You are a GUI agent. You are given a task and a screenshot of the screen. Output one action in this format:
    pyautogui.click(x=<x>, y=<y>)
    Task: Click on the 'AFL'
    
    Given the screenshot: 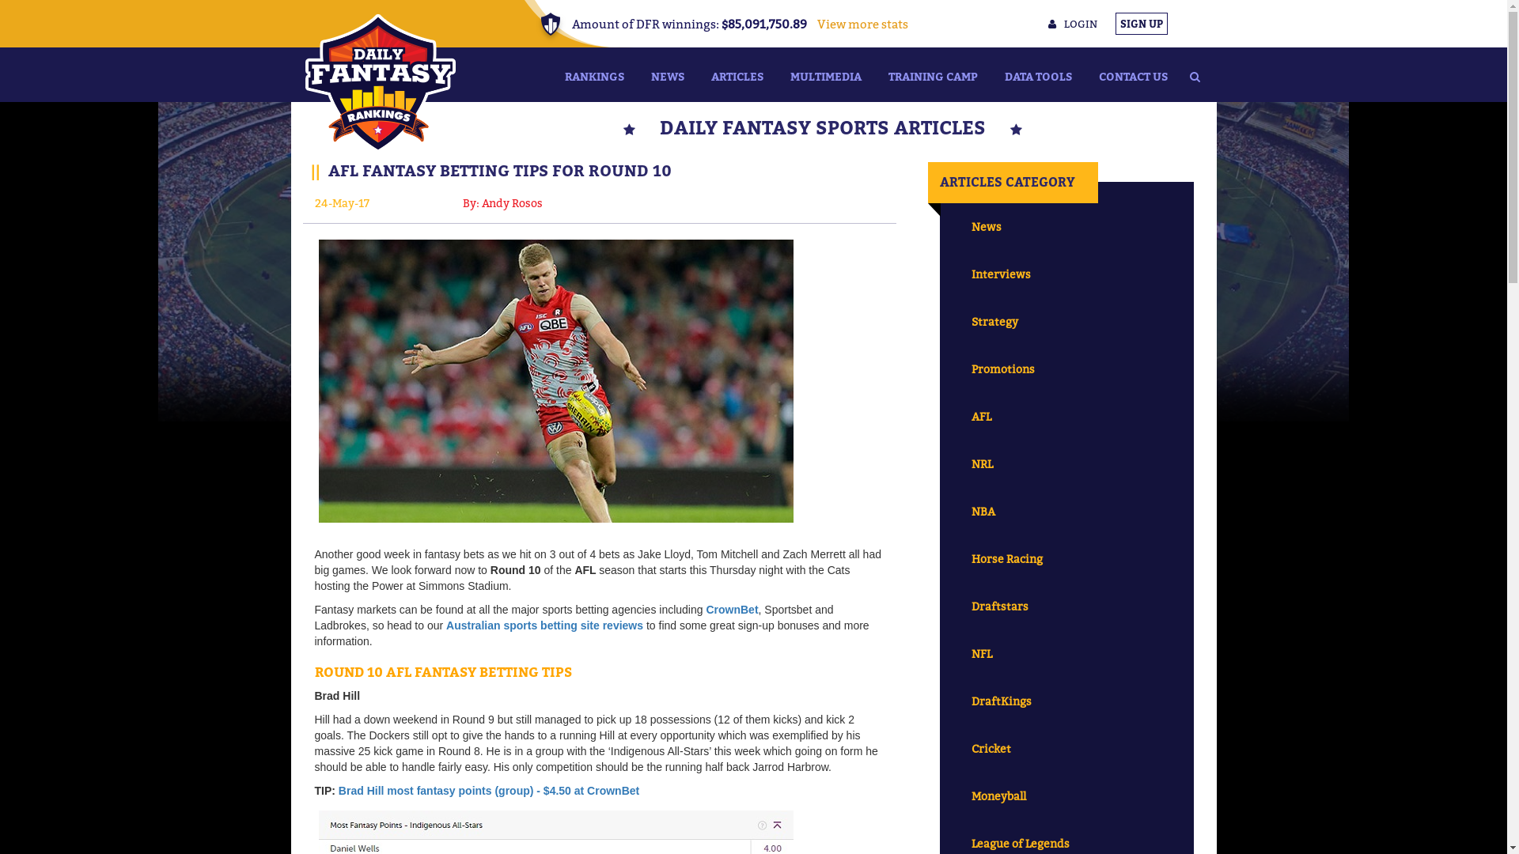 What is the action you would take?
    pyautogui.click(x=1066, y=416)
    